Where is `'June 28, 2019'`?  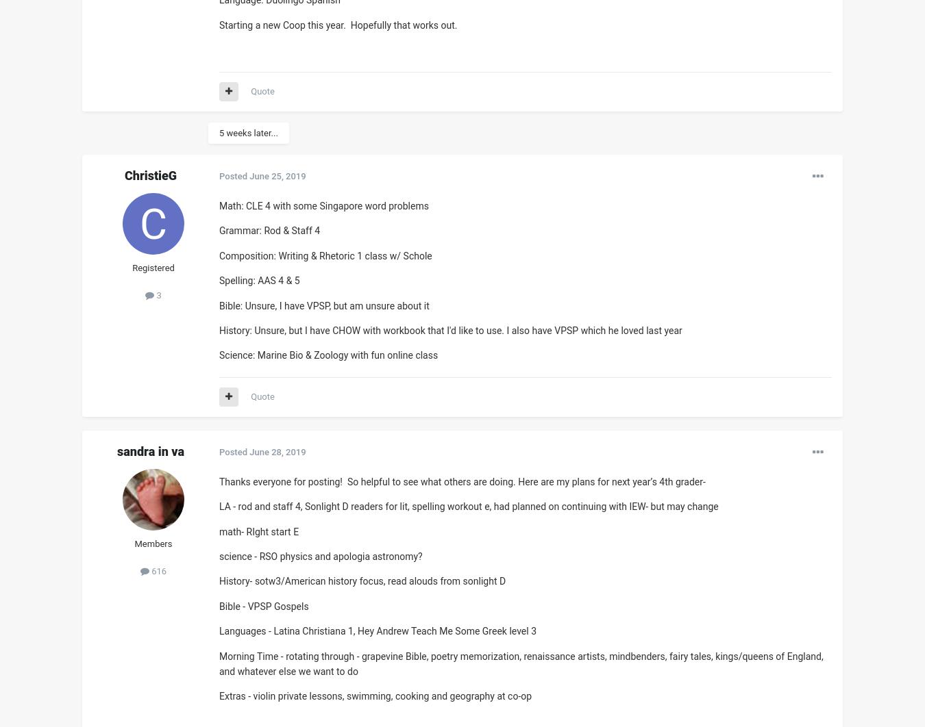 'June 28, 2019' is located at coordinates (277, 451).